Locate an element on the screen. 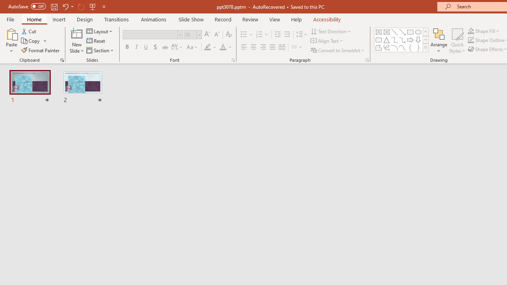 This screenshot has width=507, height=285. 'Center' is located at coordinates (253, 47).